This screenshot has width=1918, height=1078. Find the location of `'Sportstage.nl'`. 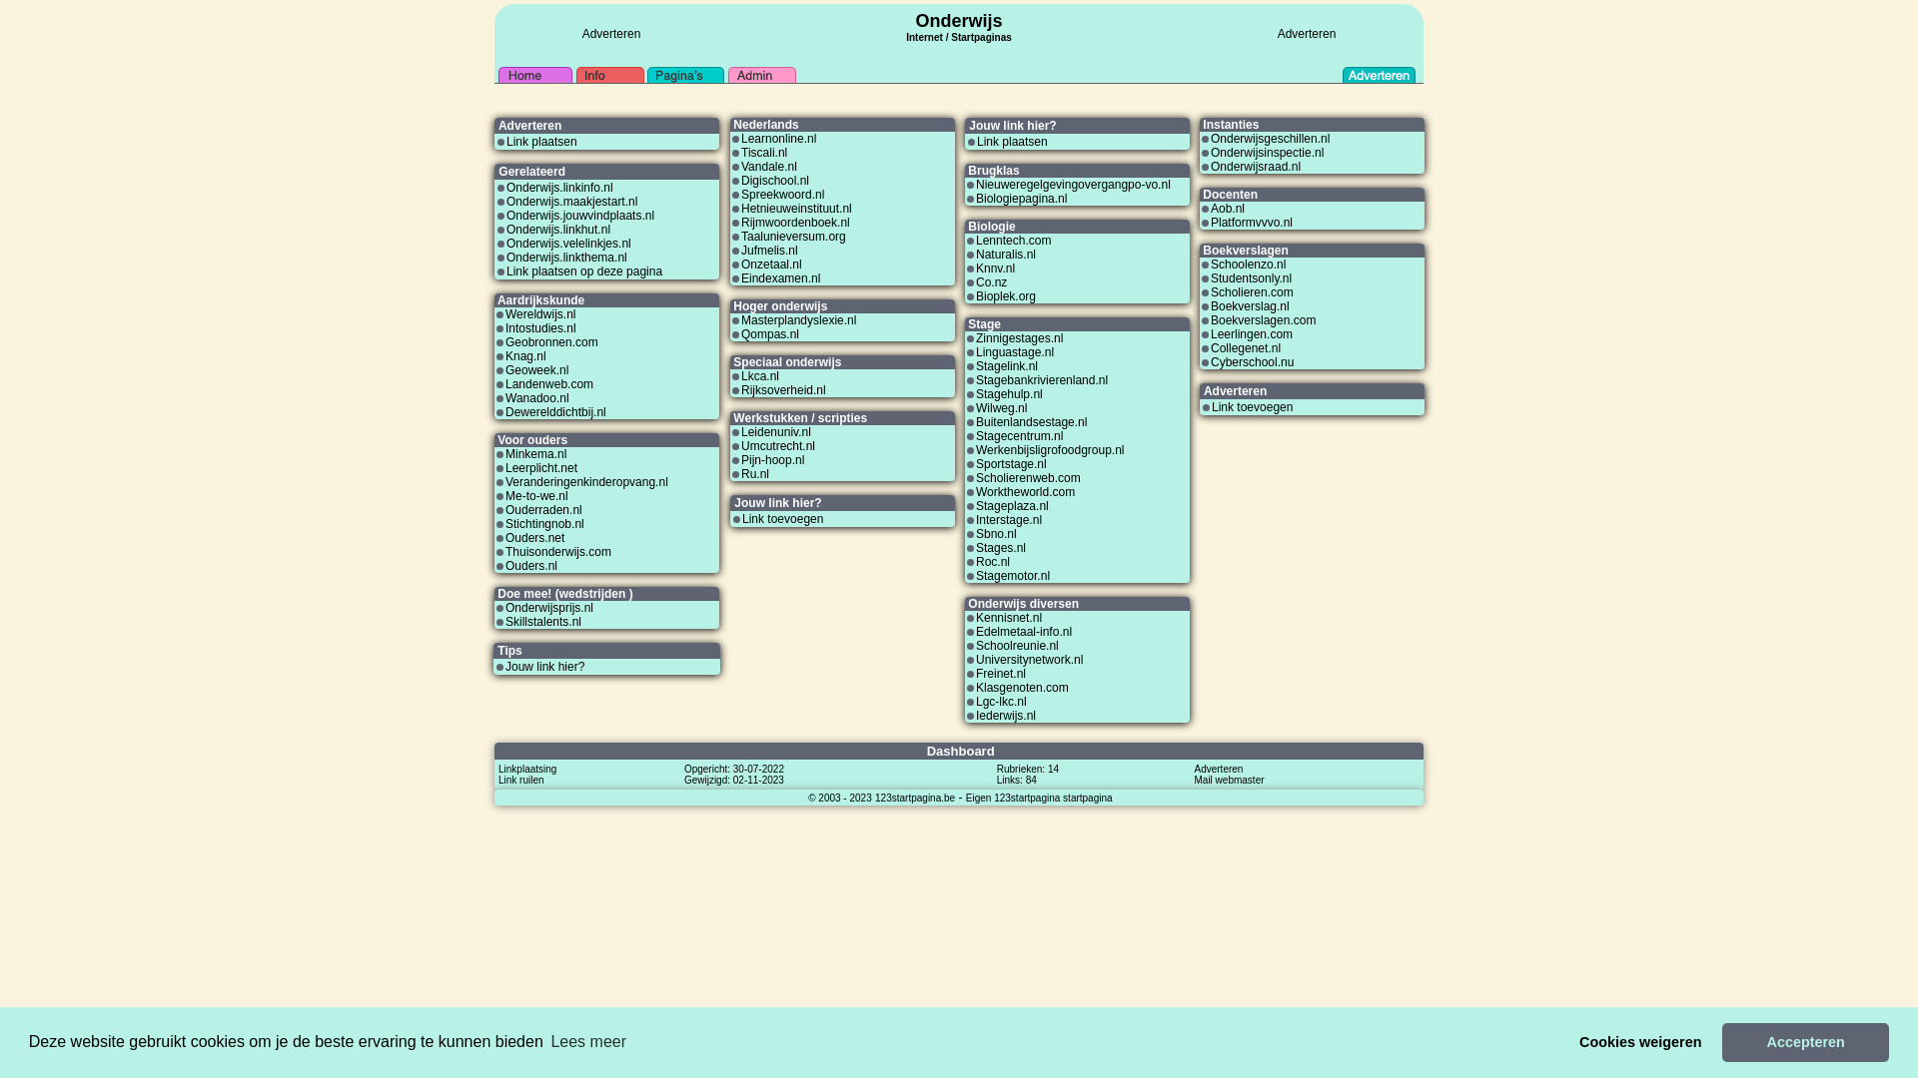

'Sportstage.nl' is located at coordinates (1011, 464).